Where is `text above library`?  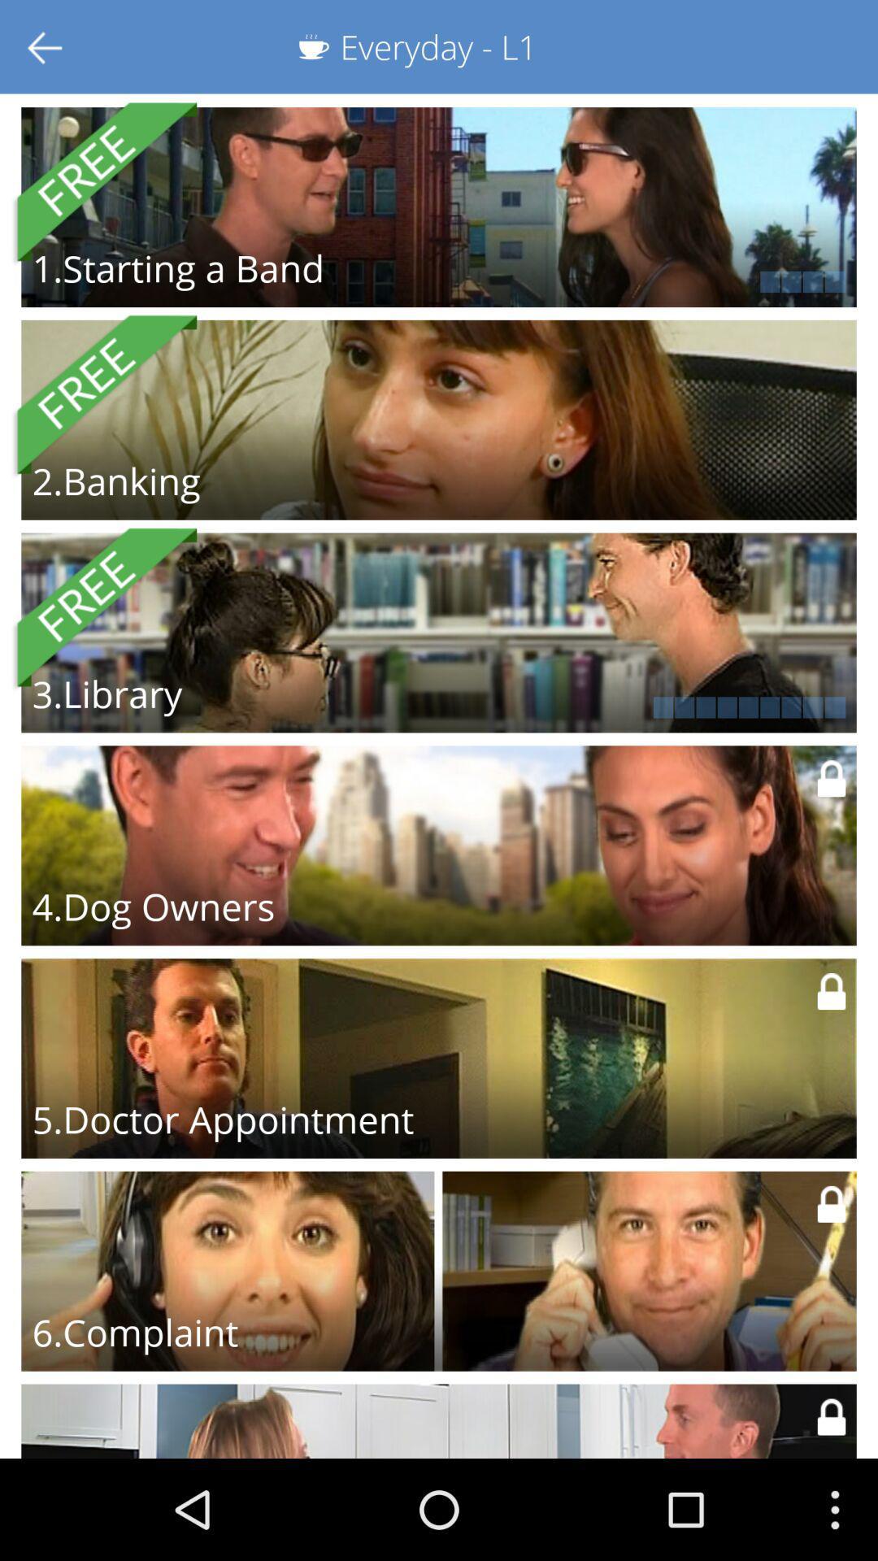 text above library is located at coordinates (103, 607).